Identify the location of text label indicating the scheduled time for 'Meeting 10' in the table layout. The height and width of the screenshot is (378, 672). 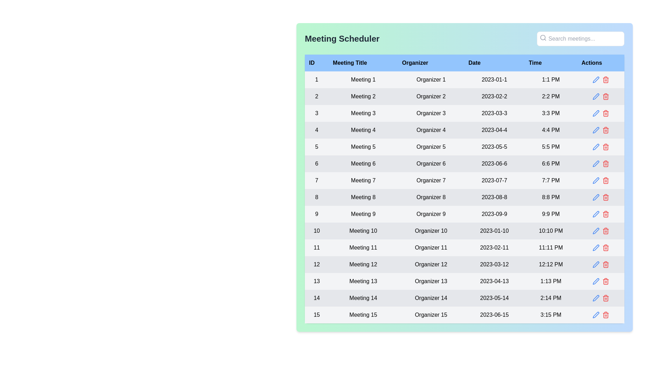
(551, 231).